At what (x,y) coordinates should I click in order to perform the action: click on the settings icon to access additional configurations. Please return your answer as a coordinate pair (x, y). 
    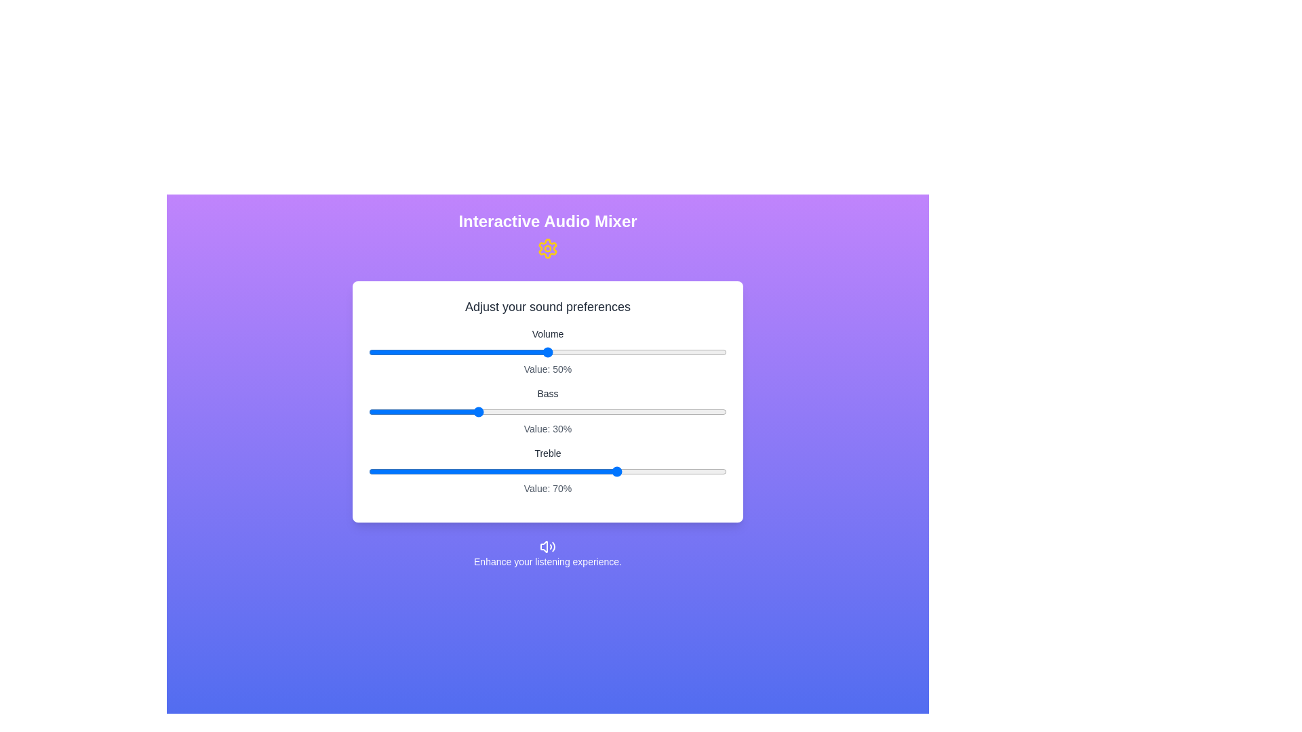
    Looking at the image, I should click on (547, 248).